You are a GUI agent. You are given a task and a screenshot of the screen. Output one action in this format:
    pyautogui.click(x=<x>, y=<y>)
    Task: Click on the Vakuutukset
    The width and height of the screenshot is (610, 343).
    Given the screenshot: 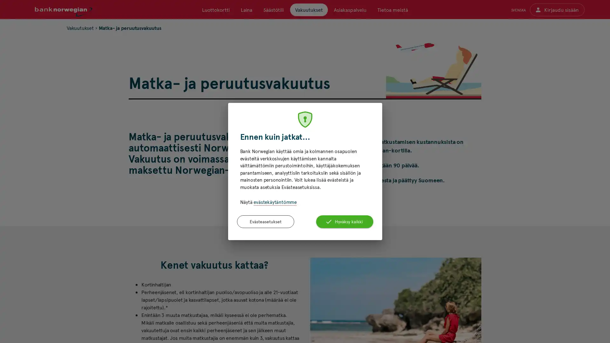 What is the action you would take?
    pyautogui.click(x=308, y=10)
    